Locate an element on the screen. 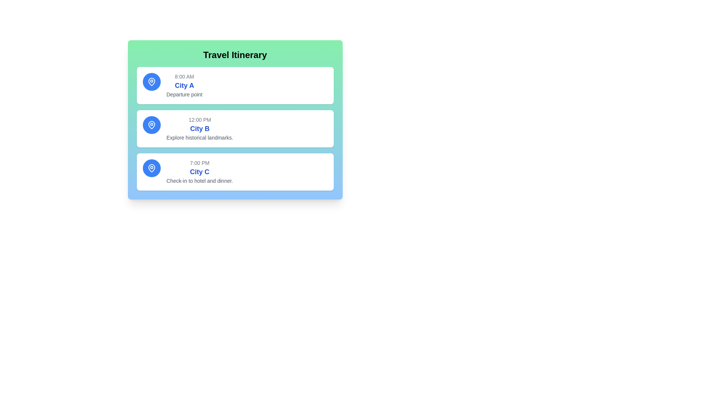 The height and width of the screenshot is (402, 716). the static text element that describes the departure location for 'City A' in the itinerary card, positioned below the larger 'City A' text and the timing information '8:00 AM' is located at coordinates (184, 94).